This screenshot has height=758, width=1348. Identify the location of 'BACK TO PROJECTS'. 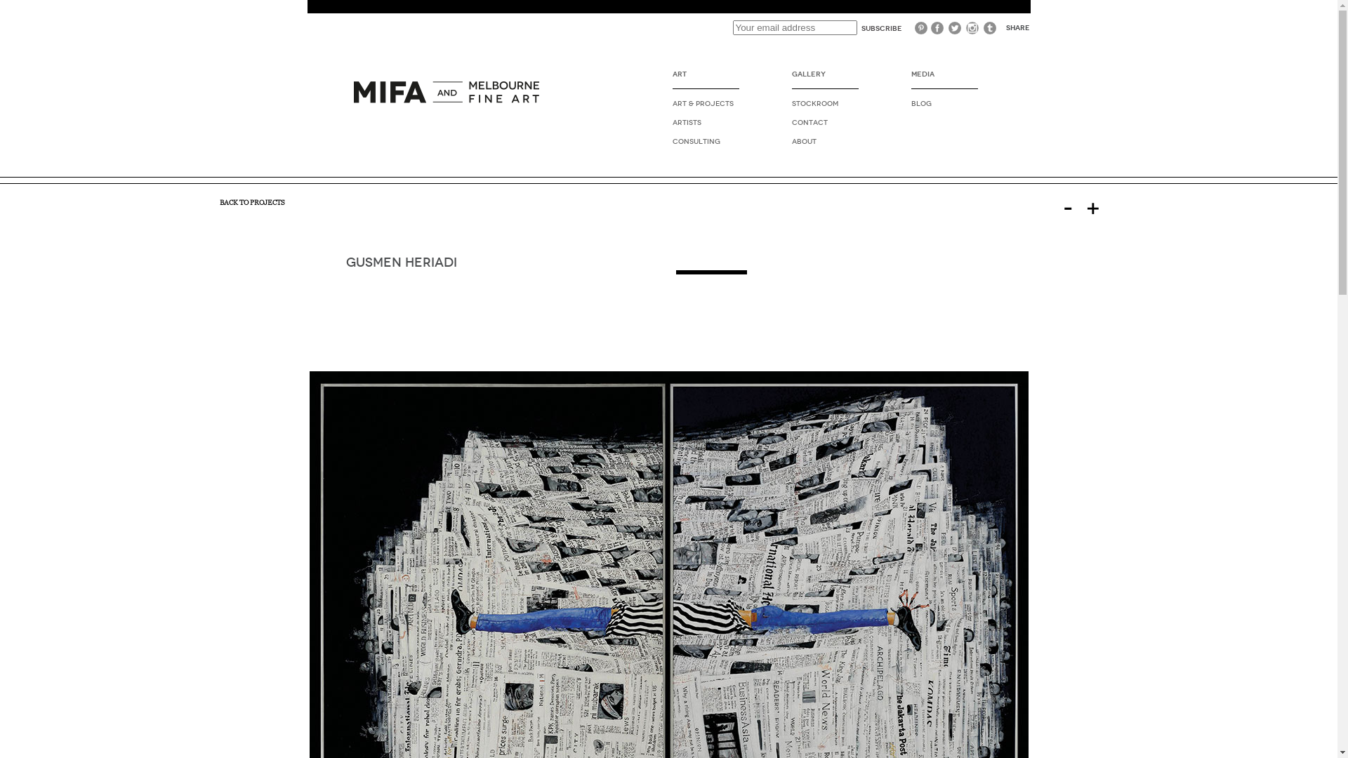
(218, 202).